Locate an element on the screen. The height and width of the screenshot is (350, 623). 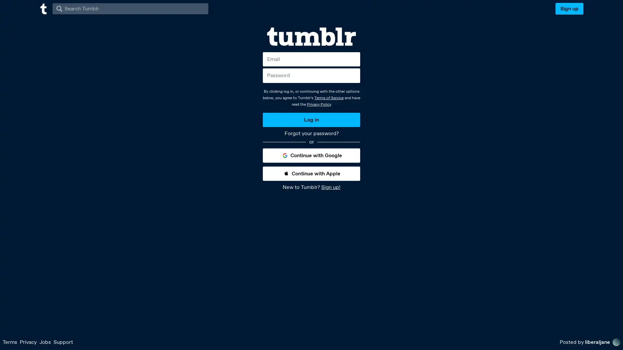
Log in is located at coordinates (311, 120).